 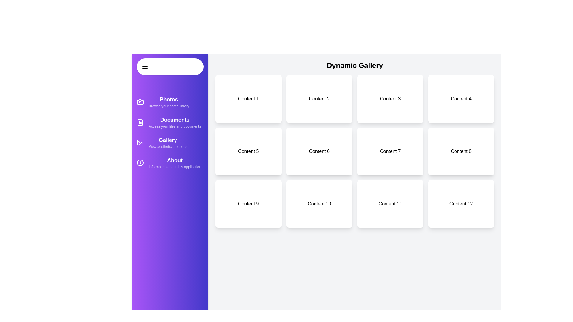 I want to click on the category item labeled 'Photos' to observe its hover effect, so click(x=170, y=102).